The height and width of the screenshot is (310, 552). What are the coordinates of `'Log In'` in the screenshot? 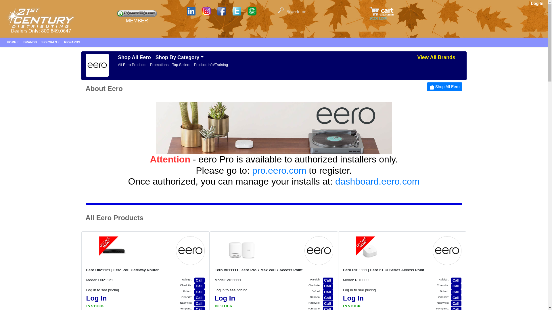 It's located at (537, 3).